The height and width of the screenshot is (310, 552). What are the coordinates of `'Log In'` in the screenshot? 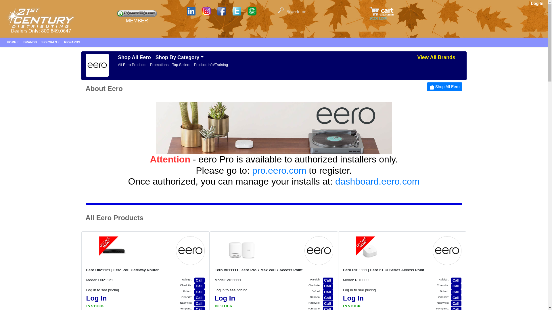 It's located at (537, 3).